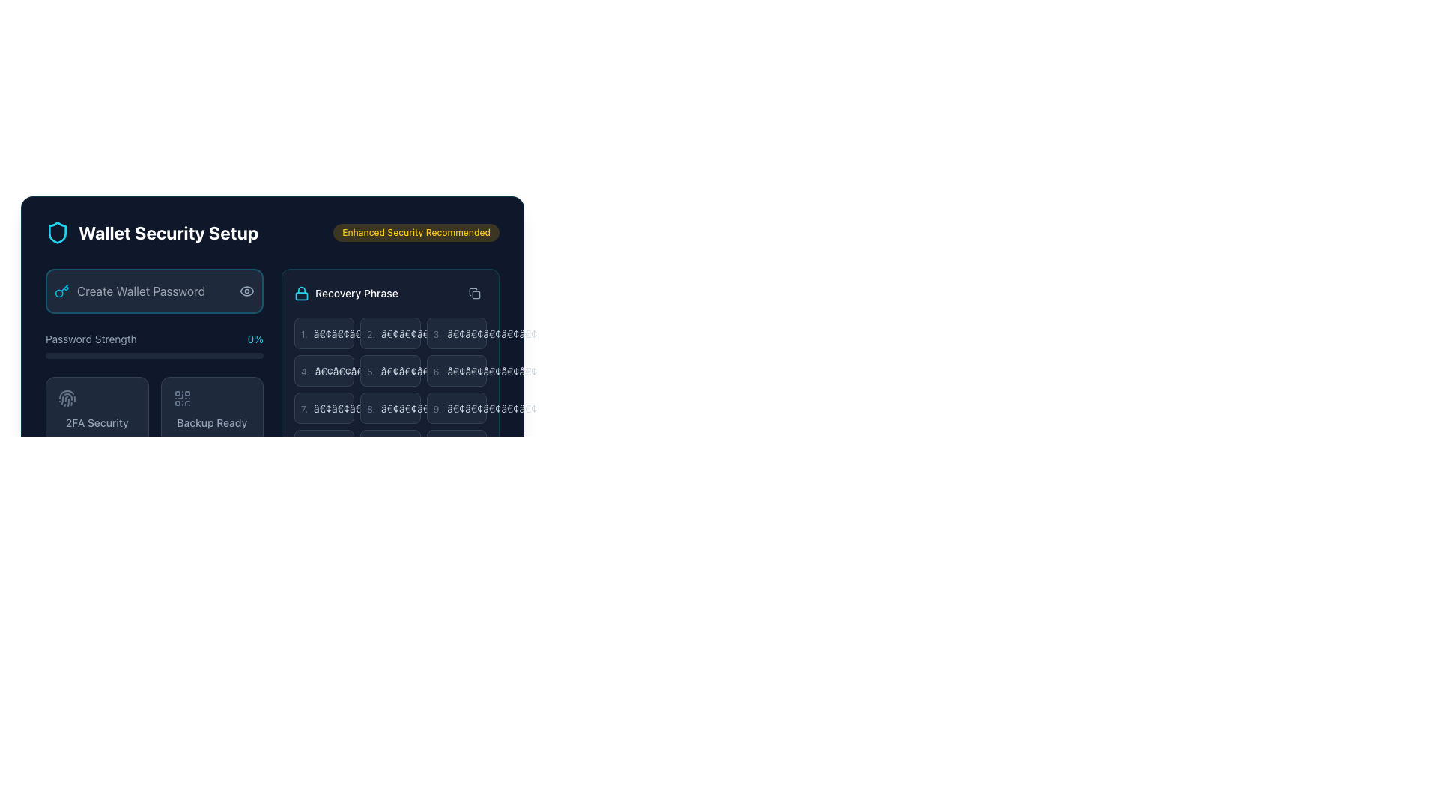  I want to click on text display element styled with a small font size and light gray color, which appears as a placeholder next to the number '4.' in the 'Recovery Phrase' section, so click(359, 371).